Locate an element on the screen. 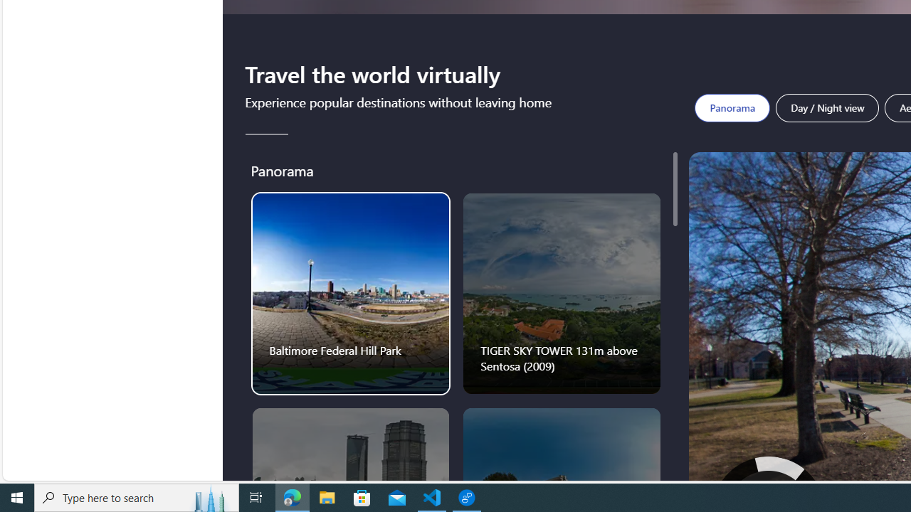 This screenshot has width=911, height=512. 'Day / Night view' is located at coordinates (828, 107).